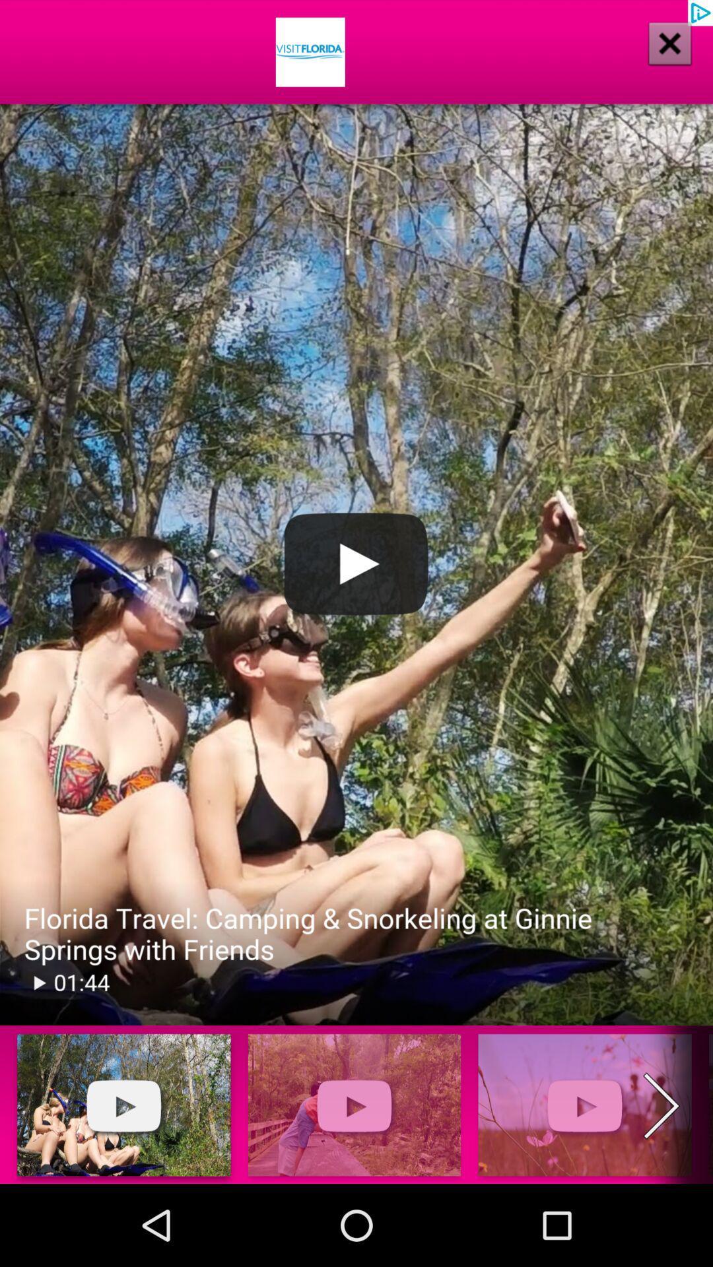  What do you see at coordinates (669, 43) in the screenshot?
I see `the close icon` at bounding box center [669, 43].